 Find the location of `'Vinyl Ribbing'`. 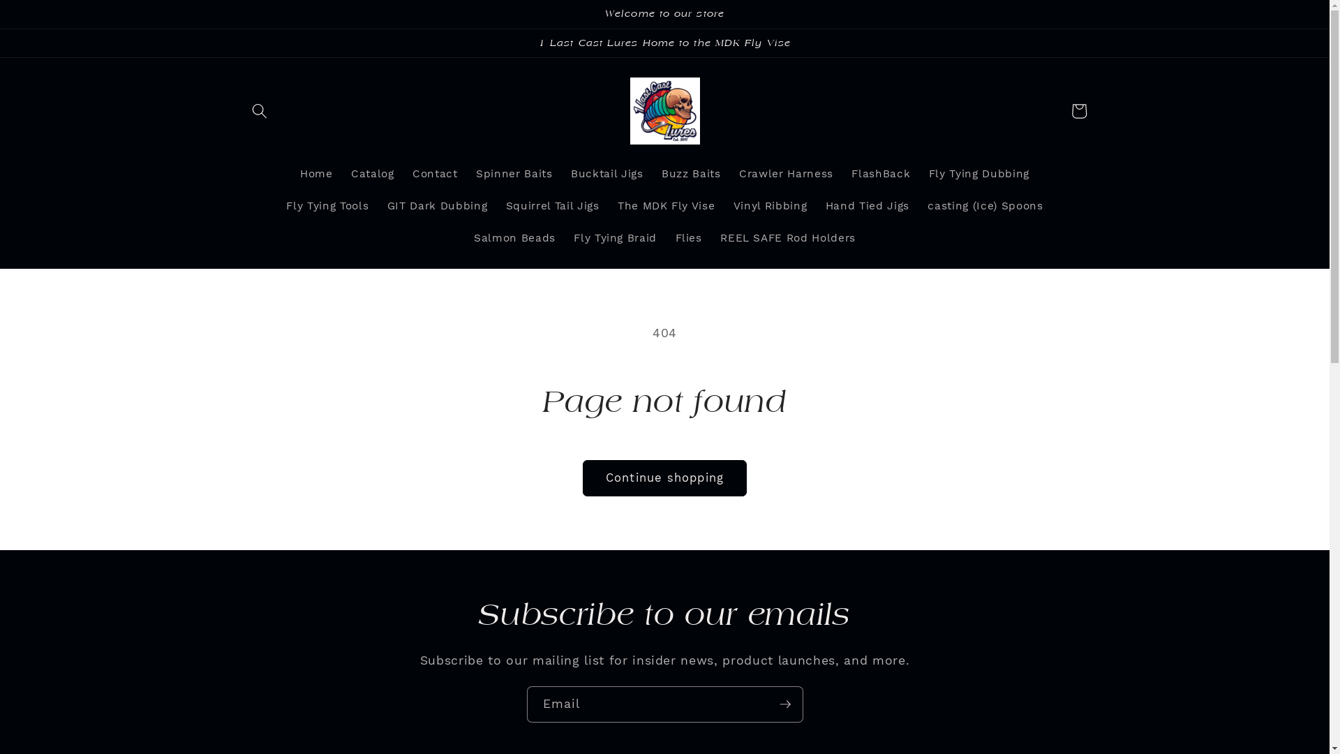

'Vinyl Ribbing' is located at coordinates (770, 207).